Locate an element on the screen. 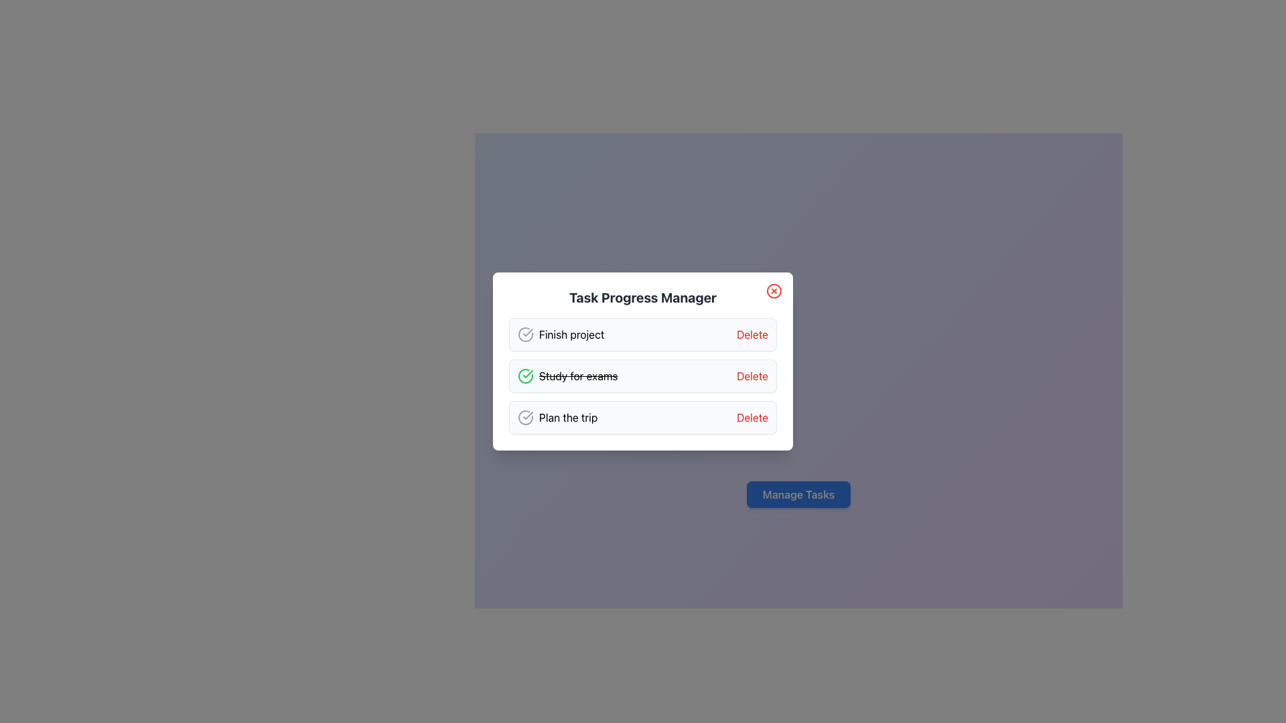 The width and height of the screenshot is (1286, 723). the circular checkmark icon that is gray in color and positioned to the left of the 'Finish project' text is located at coordinates (525, 334).